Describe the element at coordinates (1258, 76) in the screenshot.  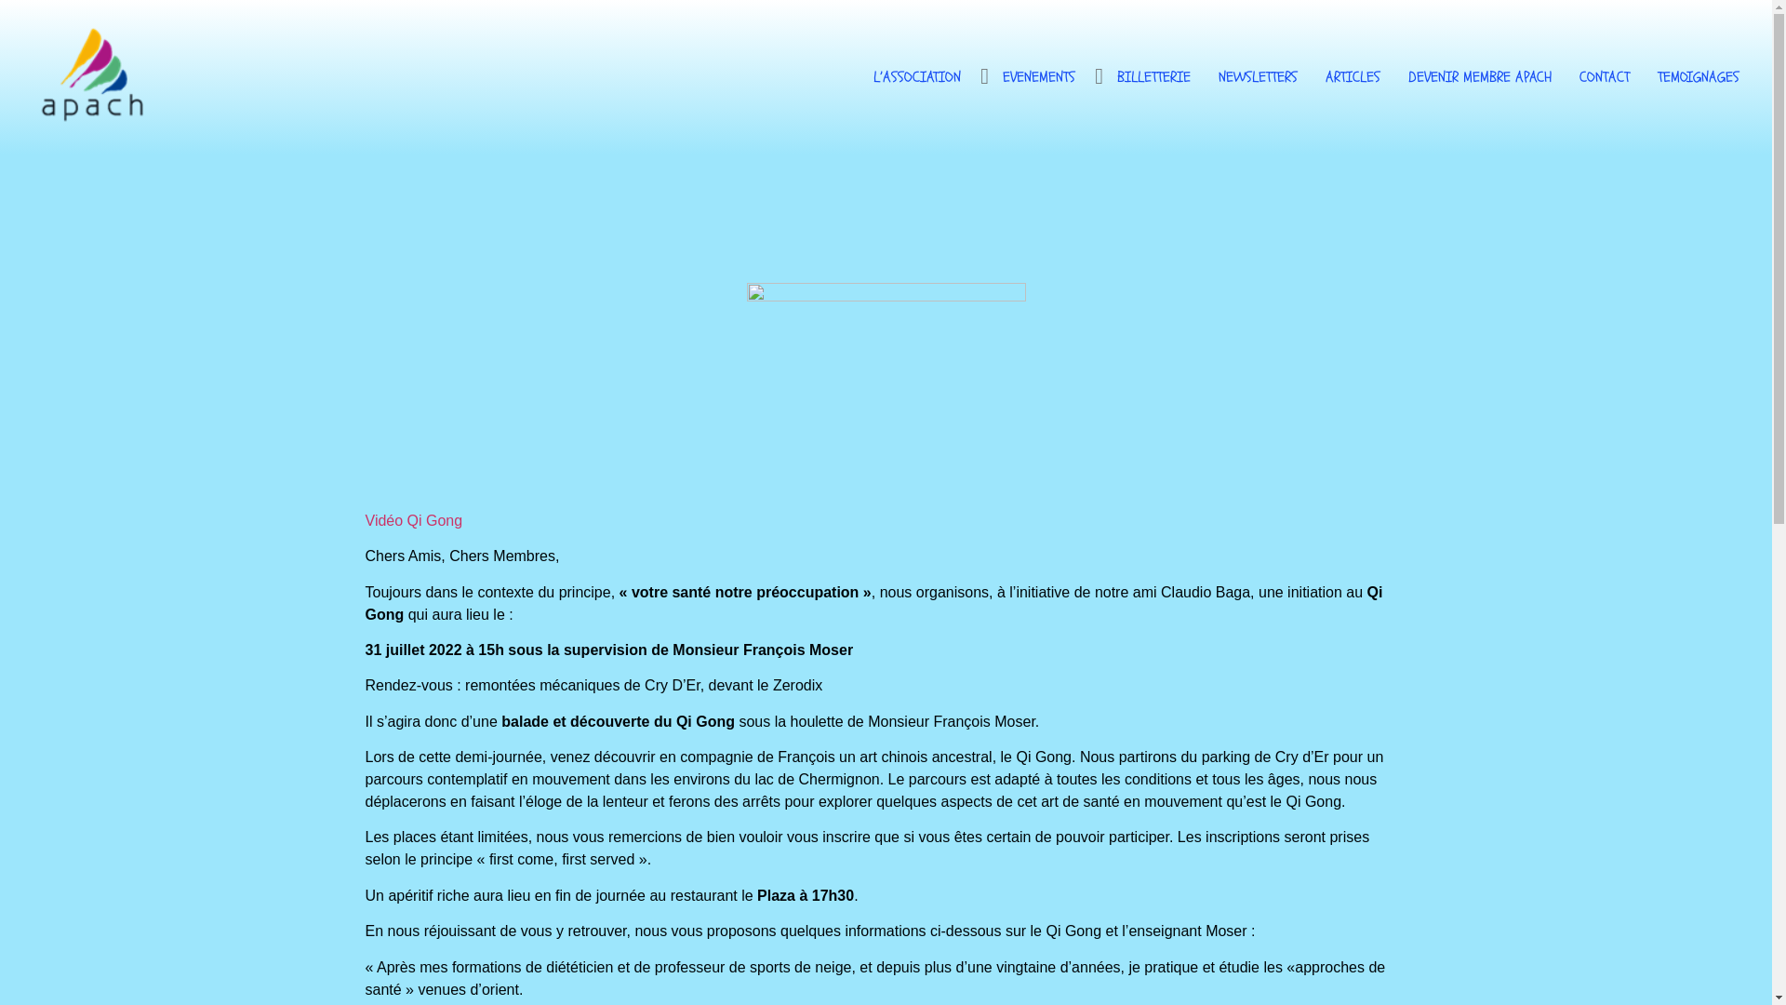
I see `'NEWSLETTERS'` at that location.